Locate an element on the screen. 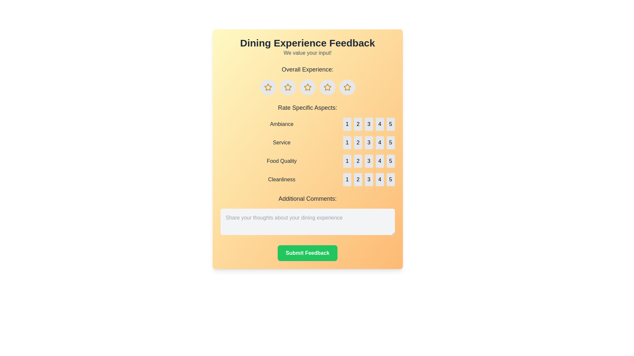 The width and height of the screenshot is (634, 356). the fifth star button is located at coordinates (347, 87).